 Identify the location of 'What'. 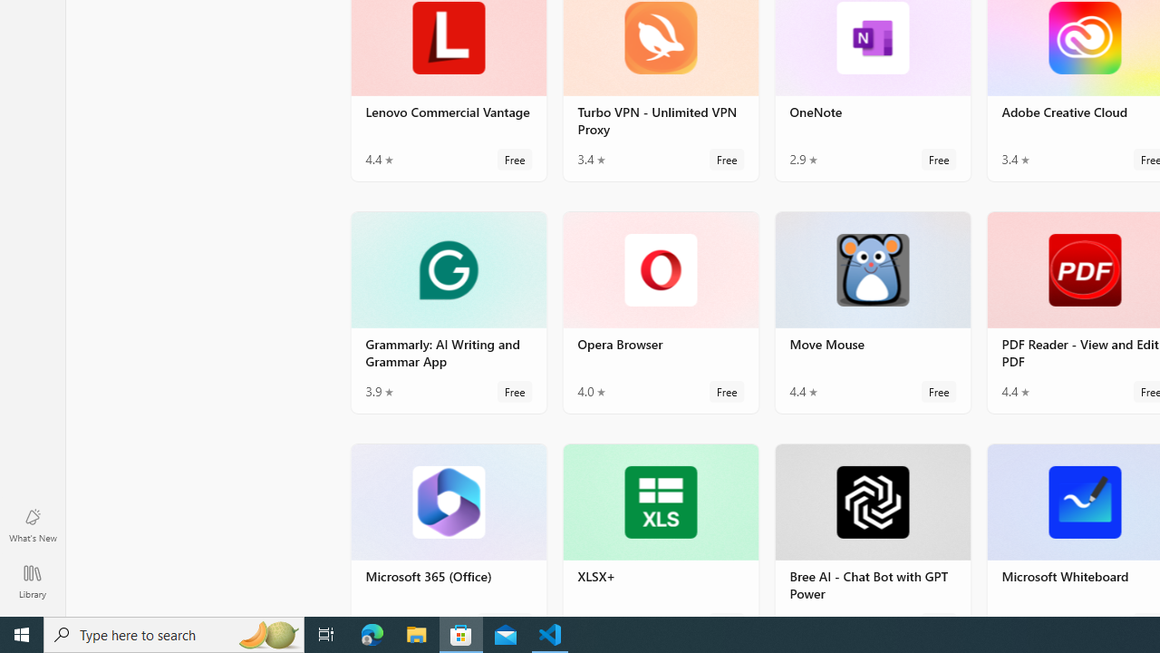
(32, 524).